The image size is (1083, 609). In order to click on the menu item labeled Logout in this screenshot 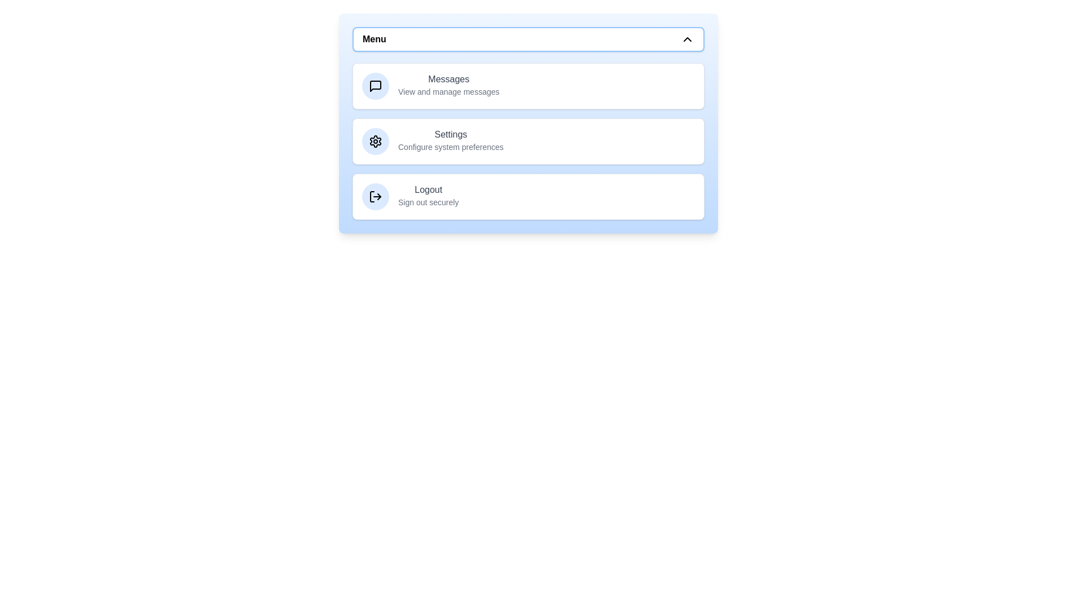, I will do `click(527, 196)`.